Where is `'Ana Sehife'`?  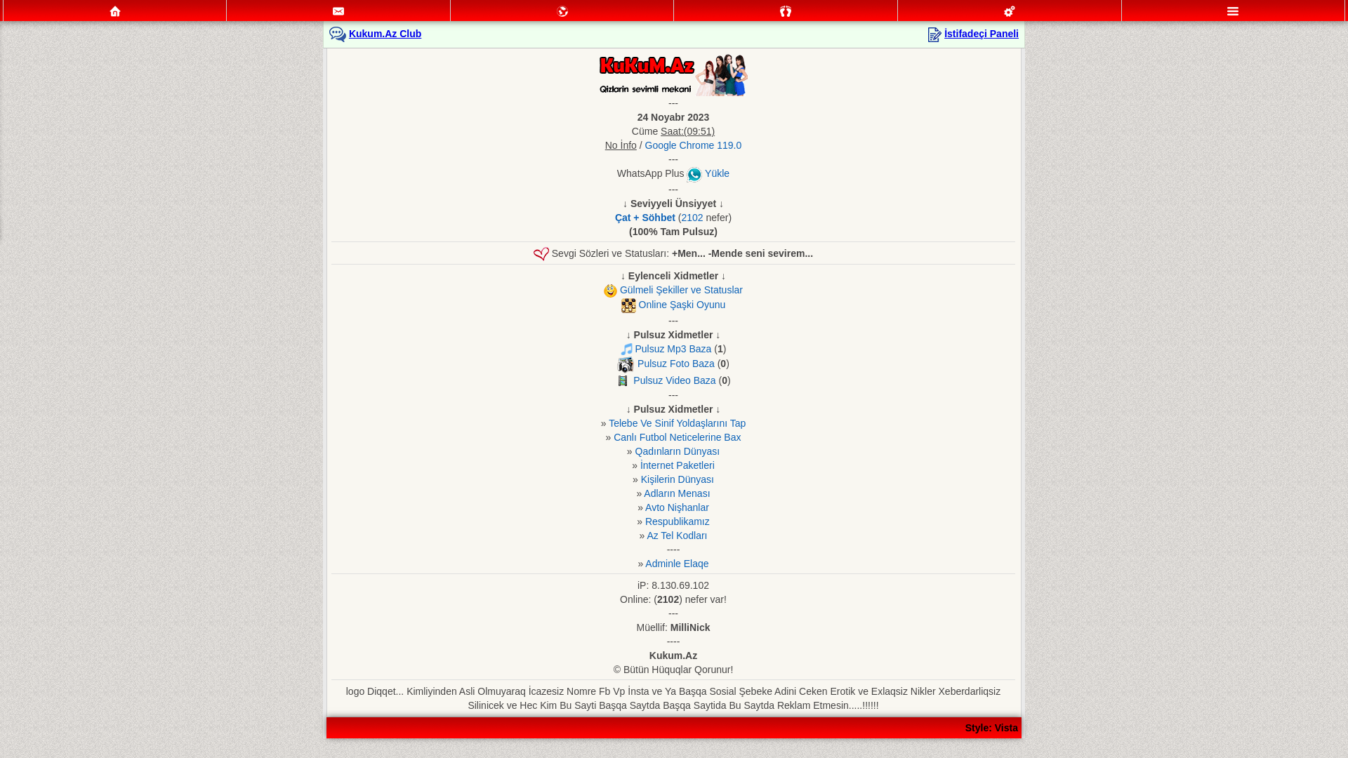
'Ana Sehife' is located at coordinates (114, 11).